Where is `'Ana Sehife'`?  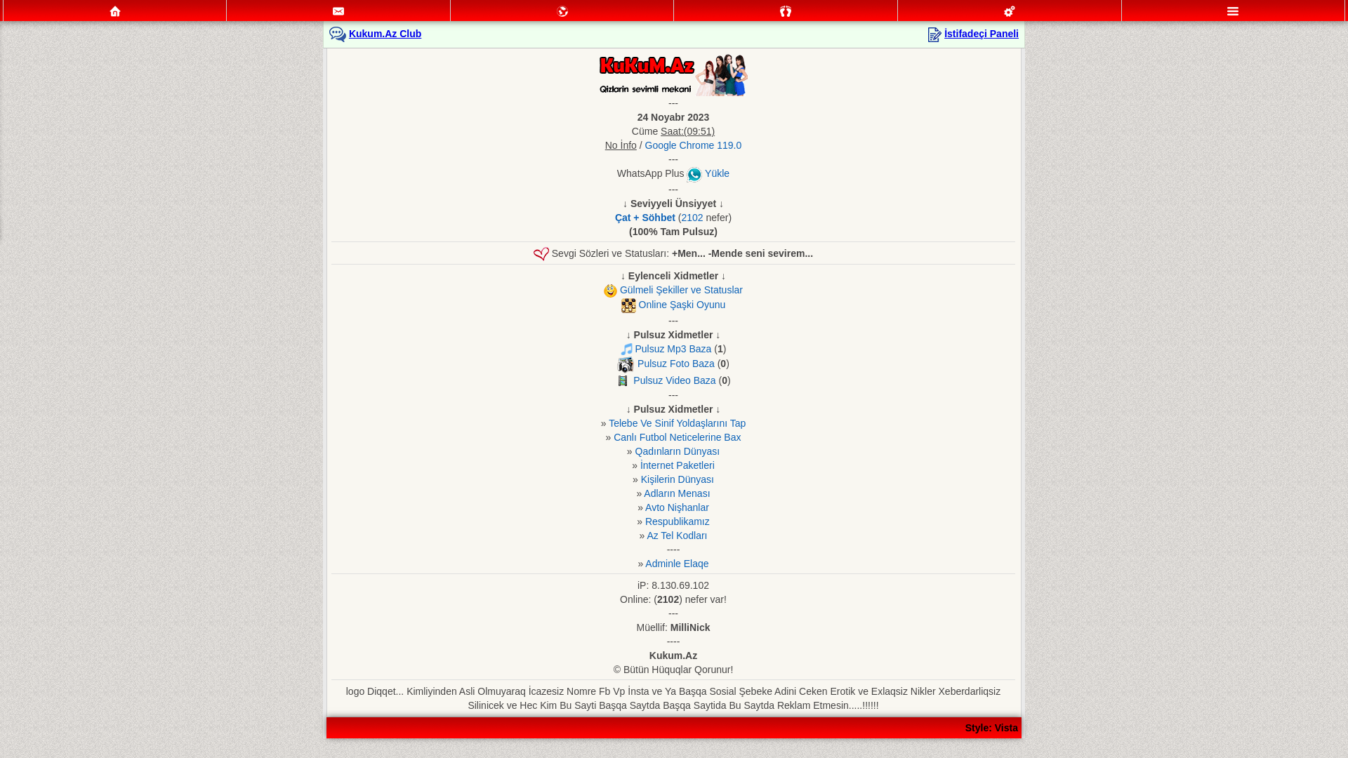
'Ana Sehife' is located at coordinates (114, 11).